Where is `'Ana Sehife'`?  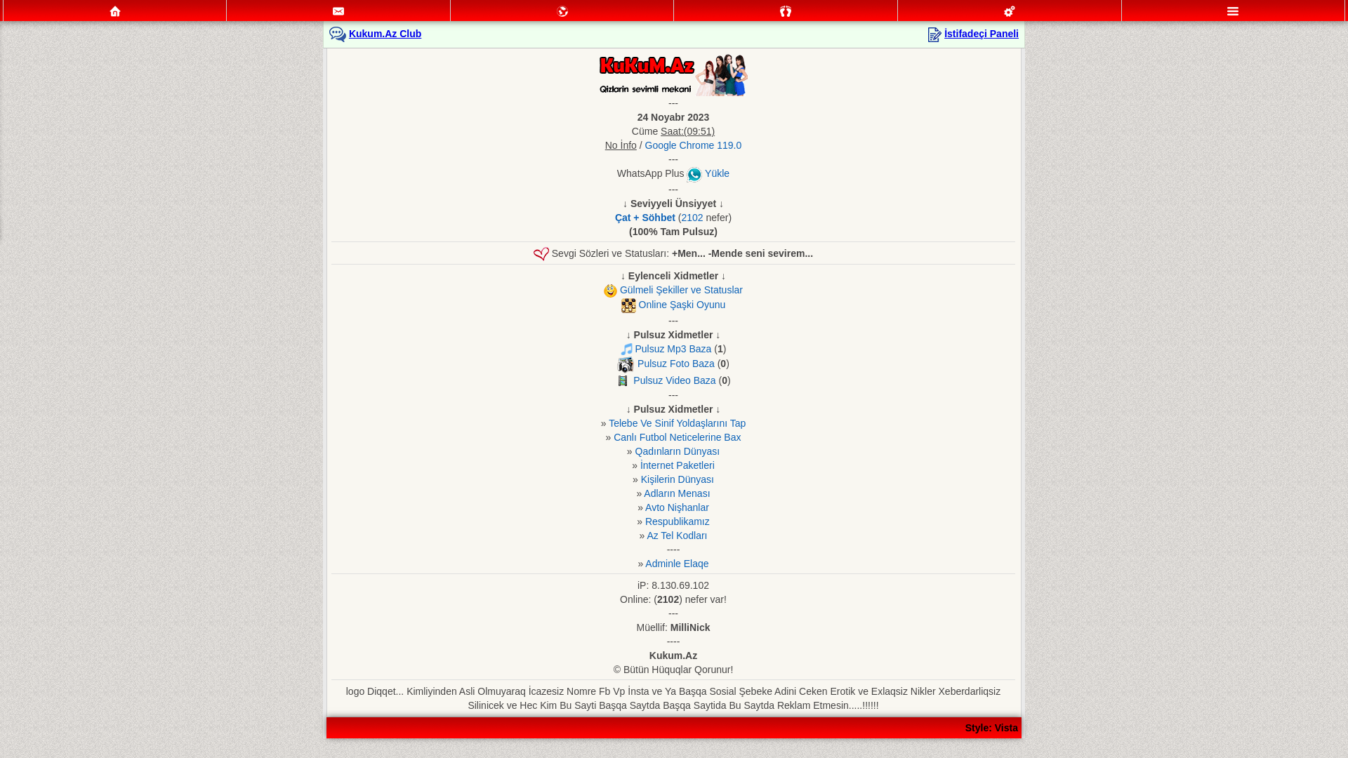
'Ana Sehife' is located at coordinates (114, 11).